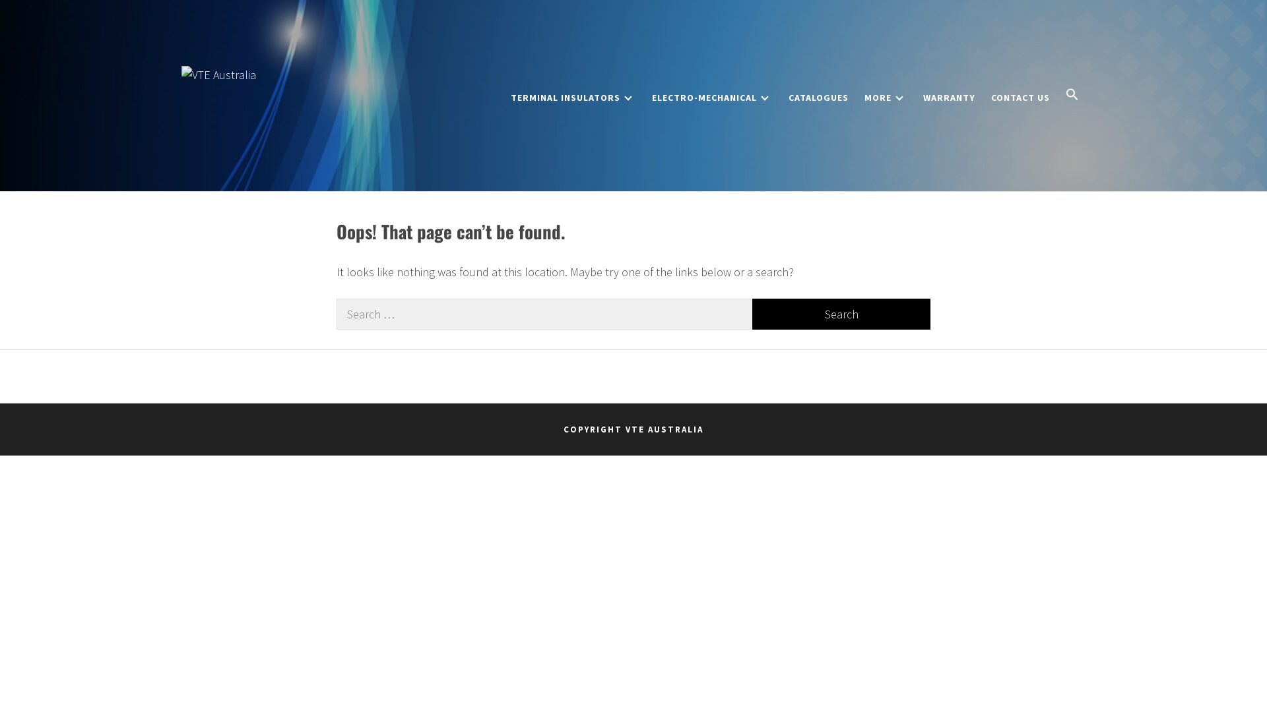 The image size is (1267, 712). Describe the element at coordinates (915, 96) in the screenshot. I see `'WARRANTY'` at that location.